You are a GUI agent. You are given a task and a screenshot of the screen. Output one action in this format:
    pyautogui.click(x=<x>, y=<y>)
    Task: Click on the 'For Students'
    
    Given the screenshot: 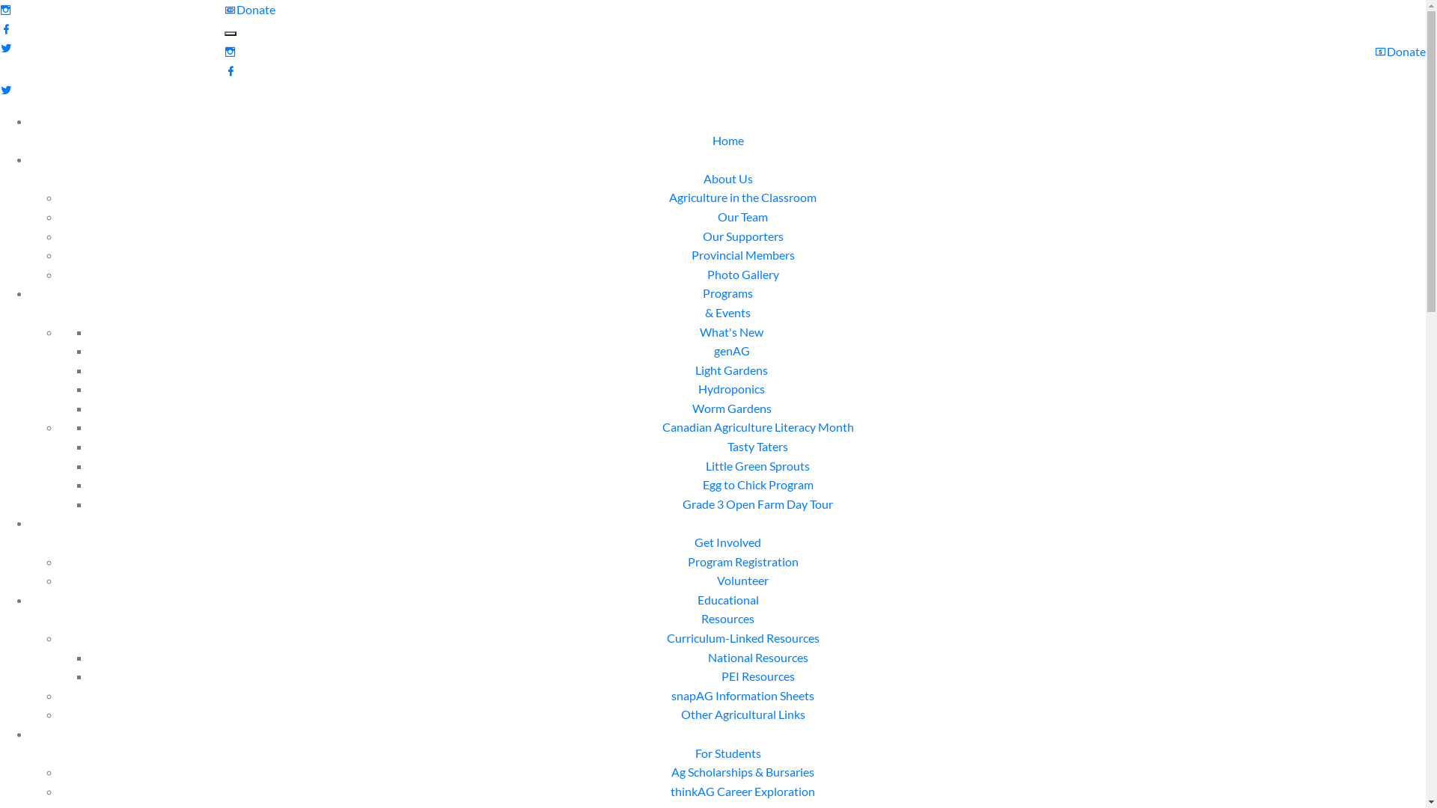 What is the action you would take?
    pyautogui.click(x=693, y=762)
    